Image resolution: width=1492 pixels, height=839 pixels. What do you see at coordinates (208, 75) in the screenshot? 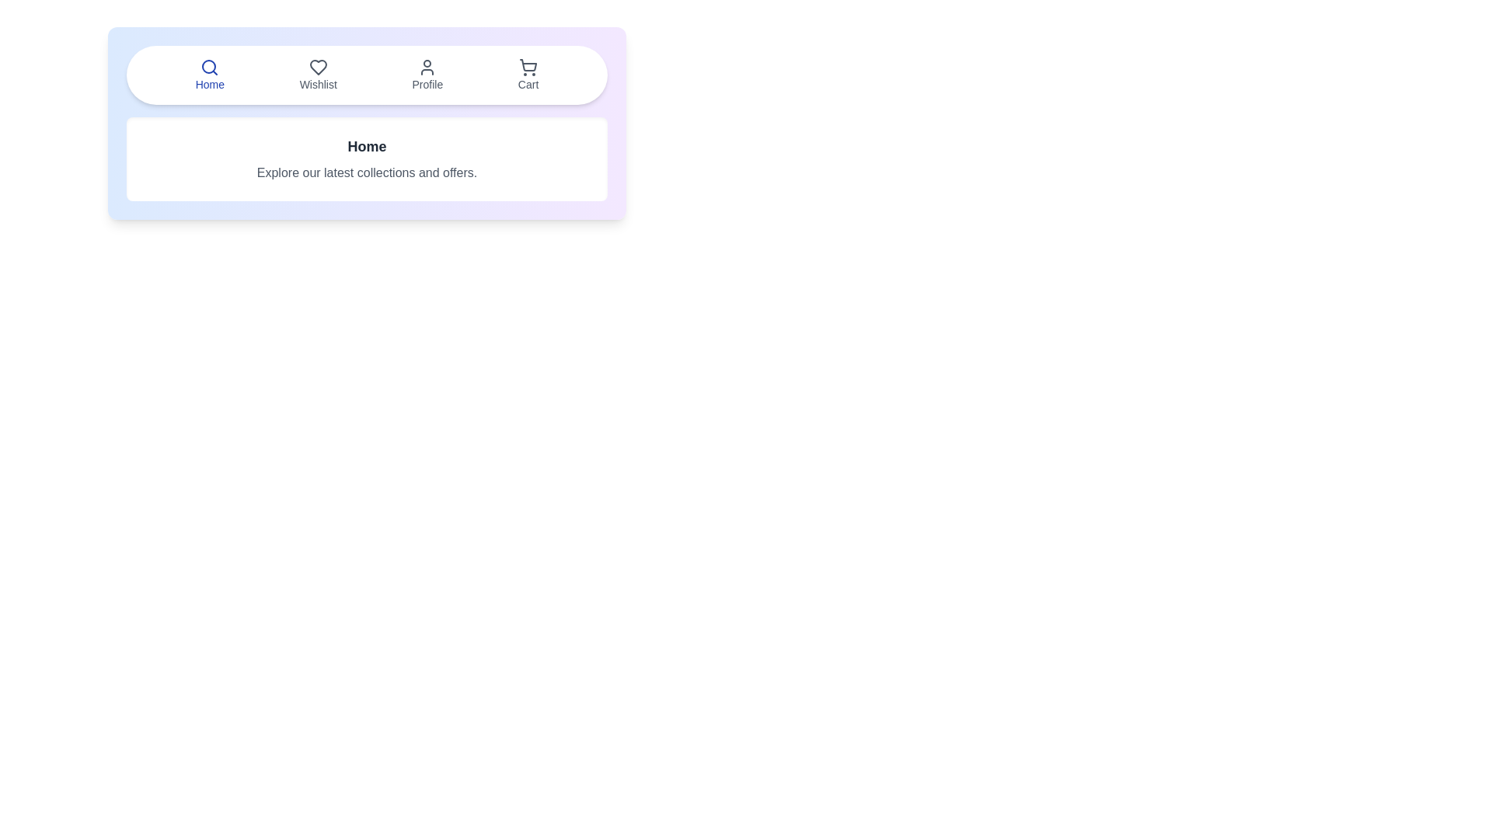
I see `the tab labeled Home to observe the visual effect` at bounding box center [208, 75].